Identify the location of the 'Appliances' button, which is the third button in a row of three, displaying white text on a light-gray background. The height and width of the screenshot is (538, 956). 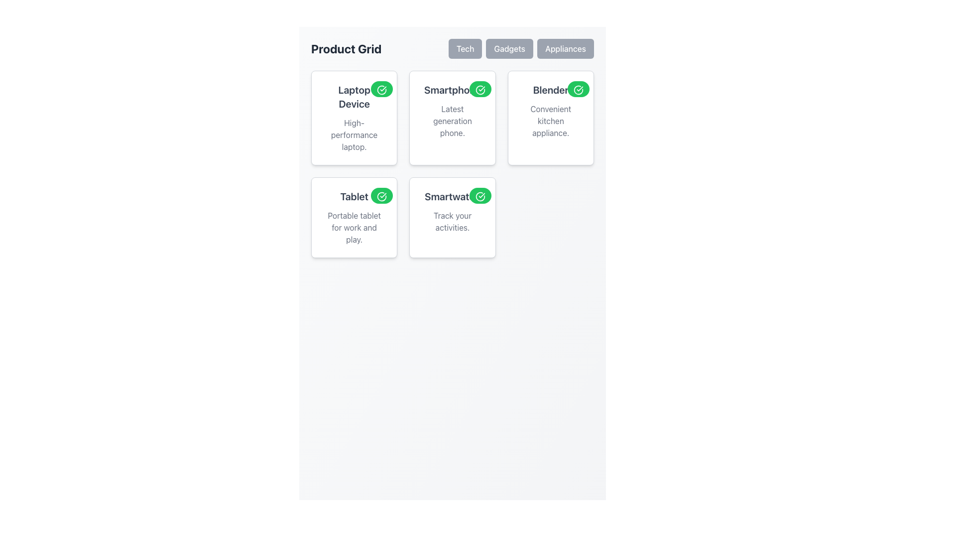
(566, 48).